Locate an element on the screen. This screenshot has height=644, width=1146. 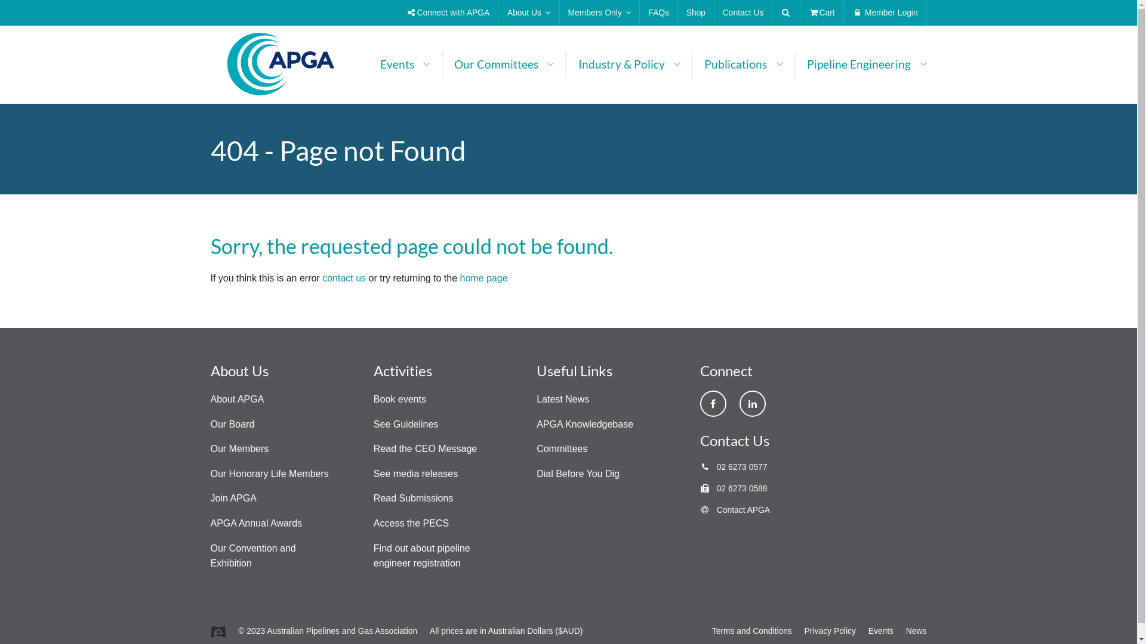
'Our Committees' is located at coordinates (504, 64).